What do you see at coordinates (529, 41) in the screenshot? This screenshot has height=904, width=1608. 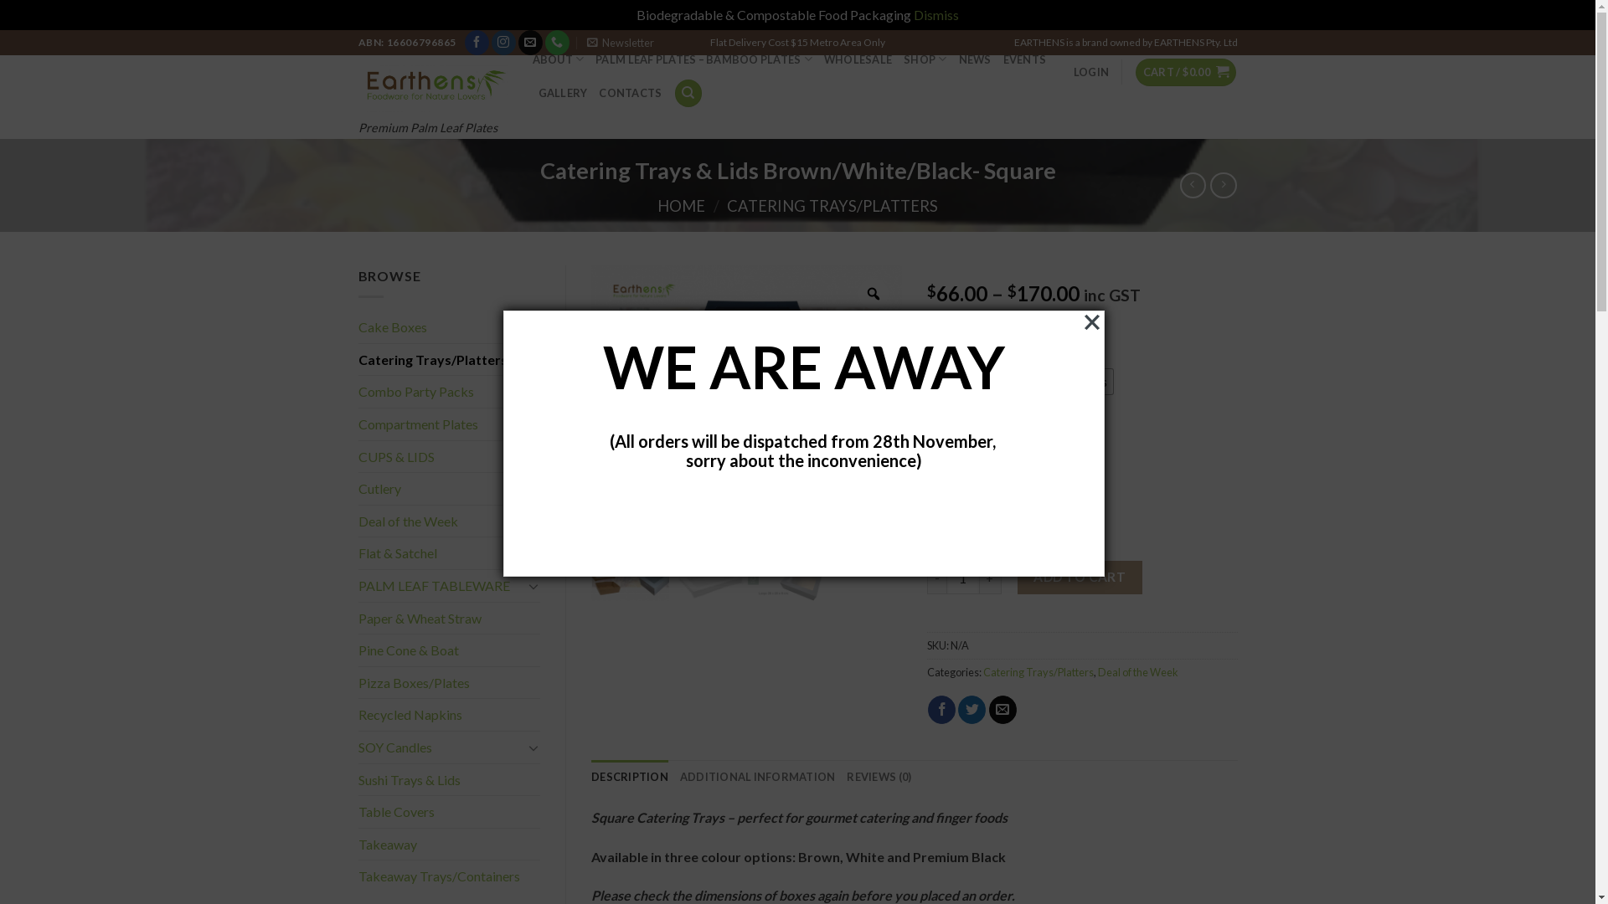 I see `'Send us an email'` at bounding box center [529, 41].